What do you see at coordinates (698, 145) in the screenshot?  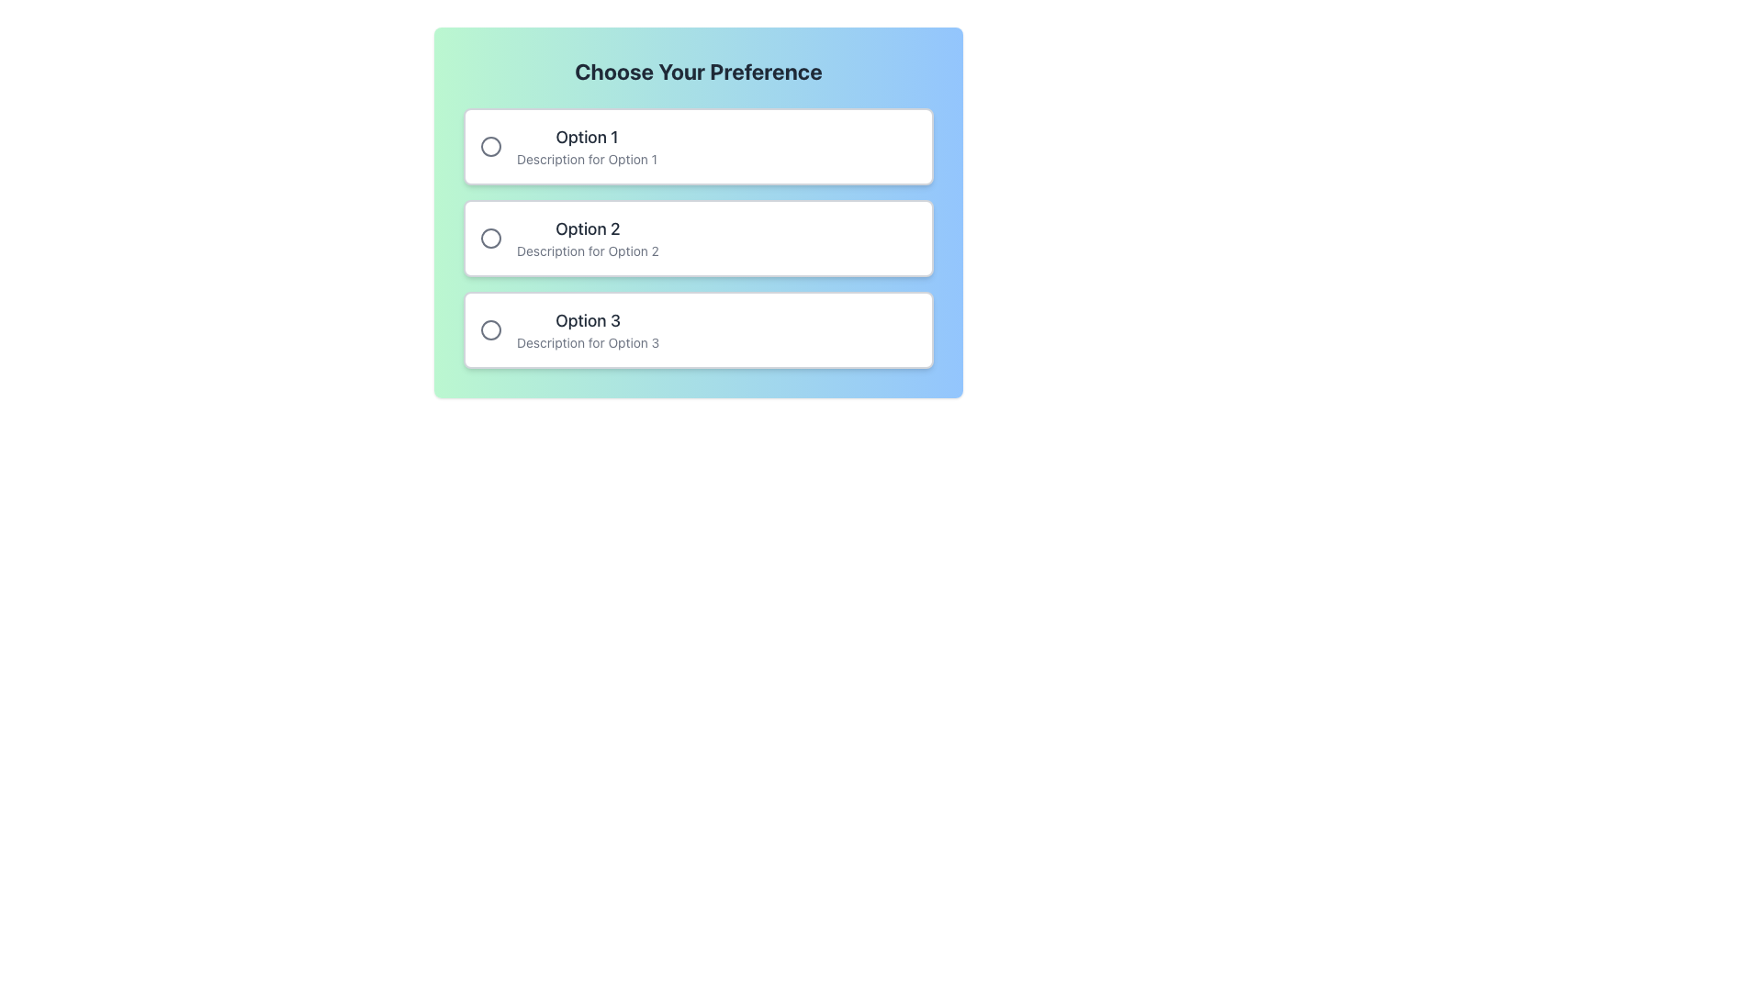 I see `the first card representing a selectable option in the list` at bounding box center [698, 145].